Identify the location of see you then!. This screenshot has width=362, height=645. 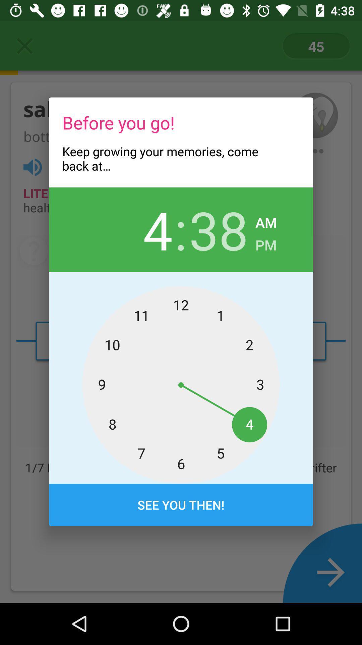
(181, 505).